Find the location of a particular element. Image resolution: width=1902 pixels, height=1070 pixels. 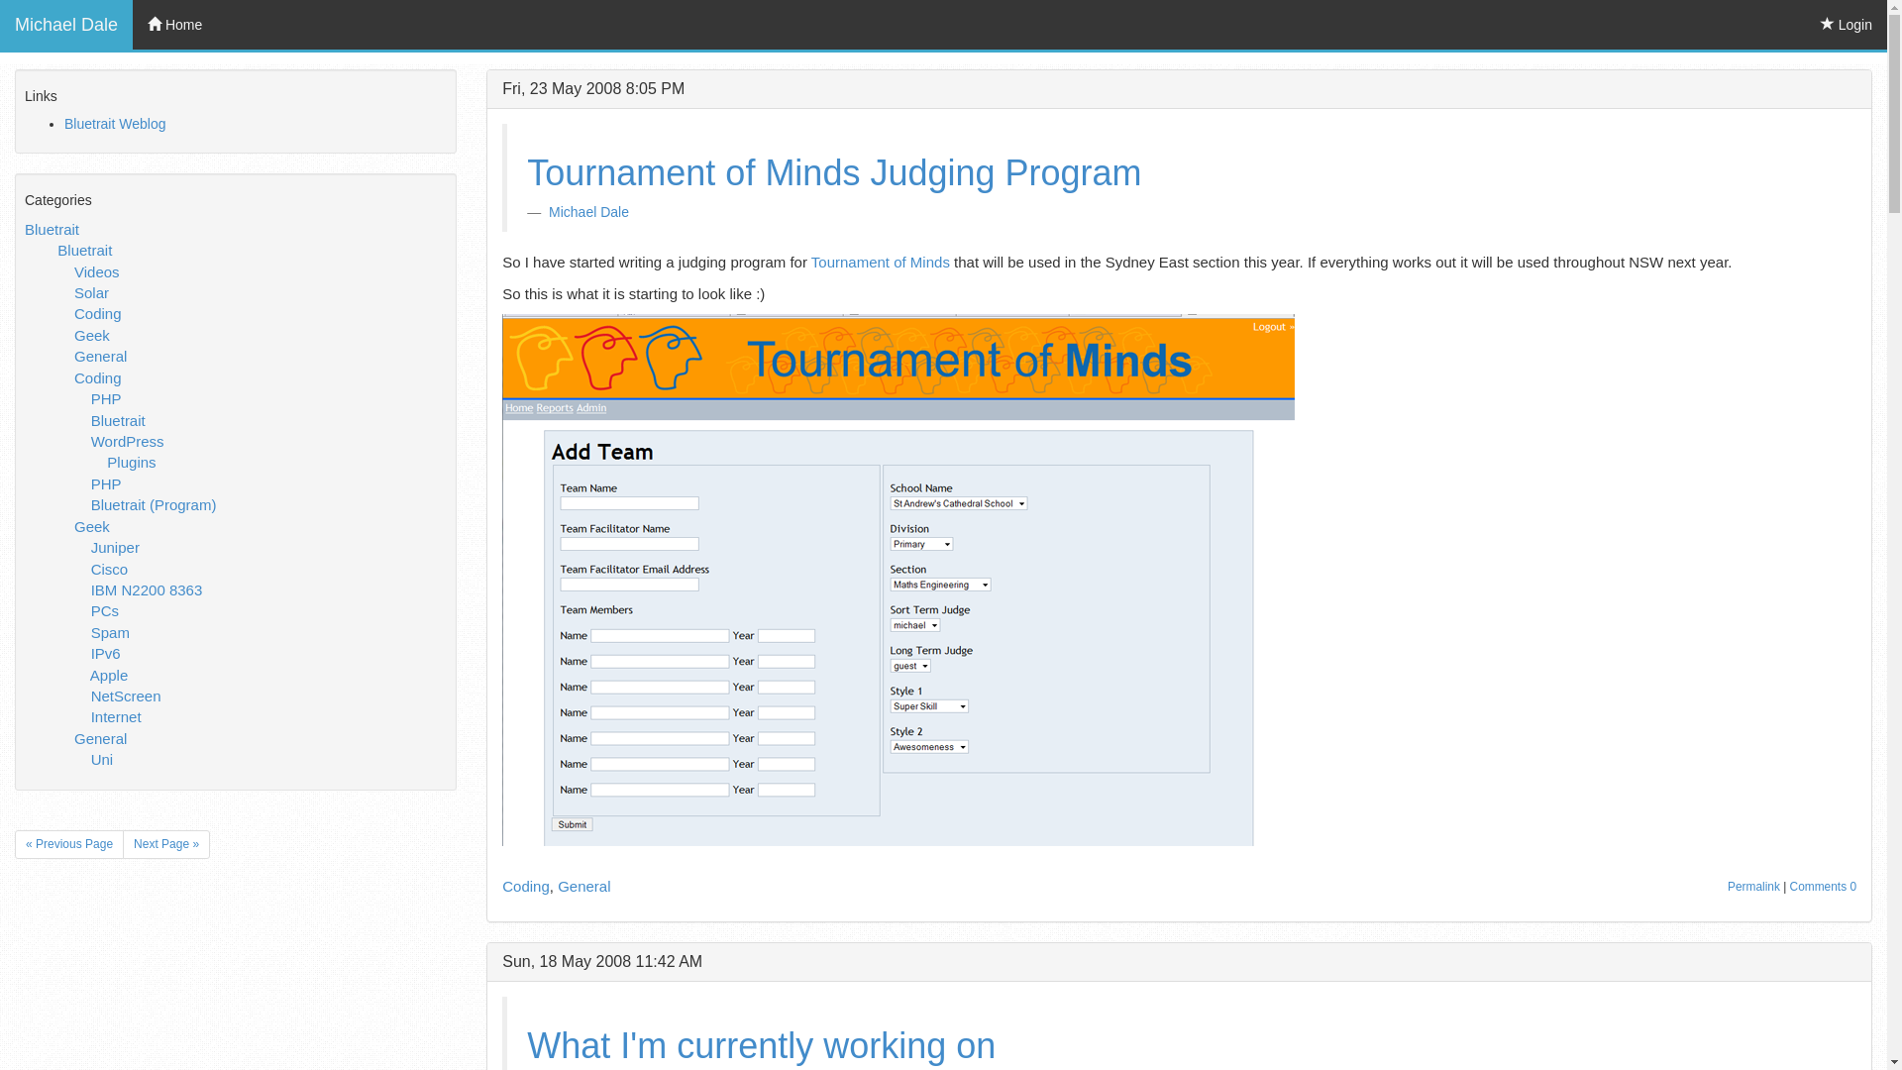

'General' is located at coordinates (99, 355).